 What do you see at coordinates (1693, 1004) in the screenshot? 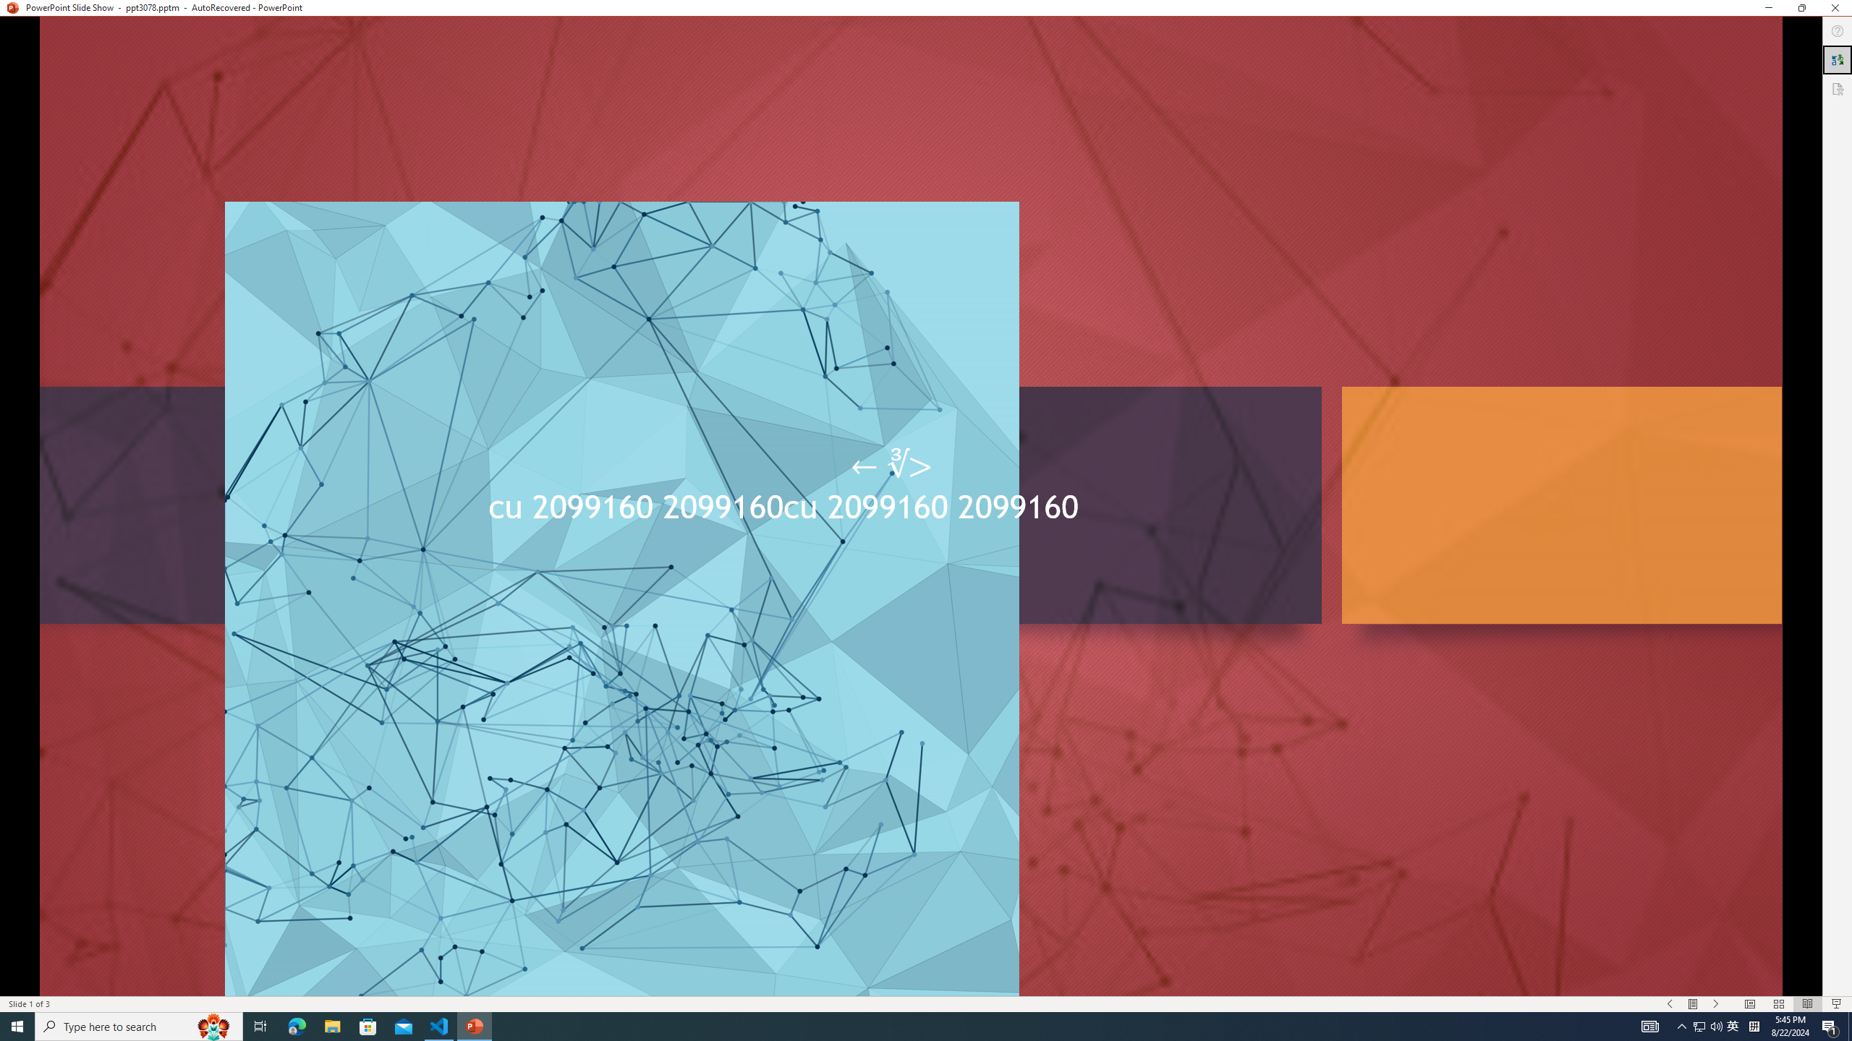
I see `'Menu On'` at bounding box center [1693, 1004].